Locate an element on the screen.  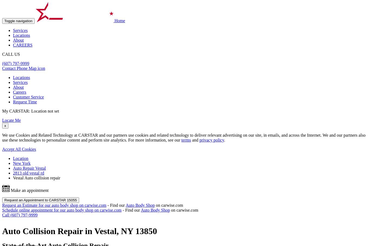
'Toggle navigation' is located at coordinates (18, 21).